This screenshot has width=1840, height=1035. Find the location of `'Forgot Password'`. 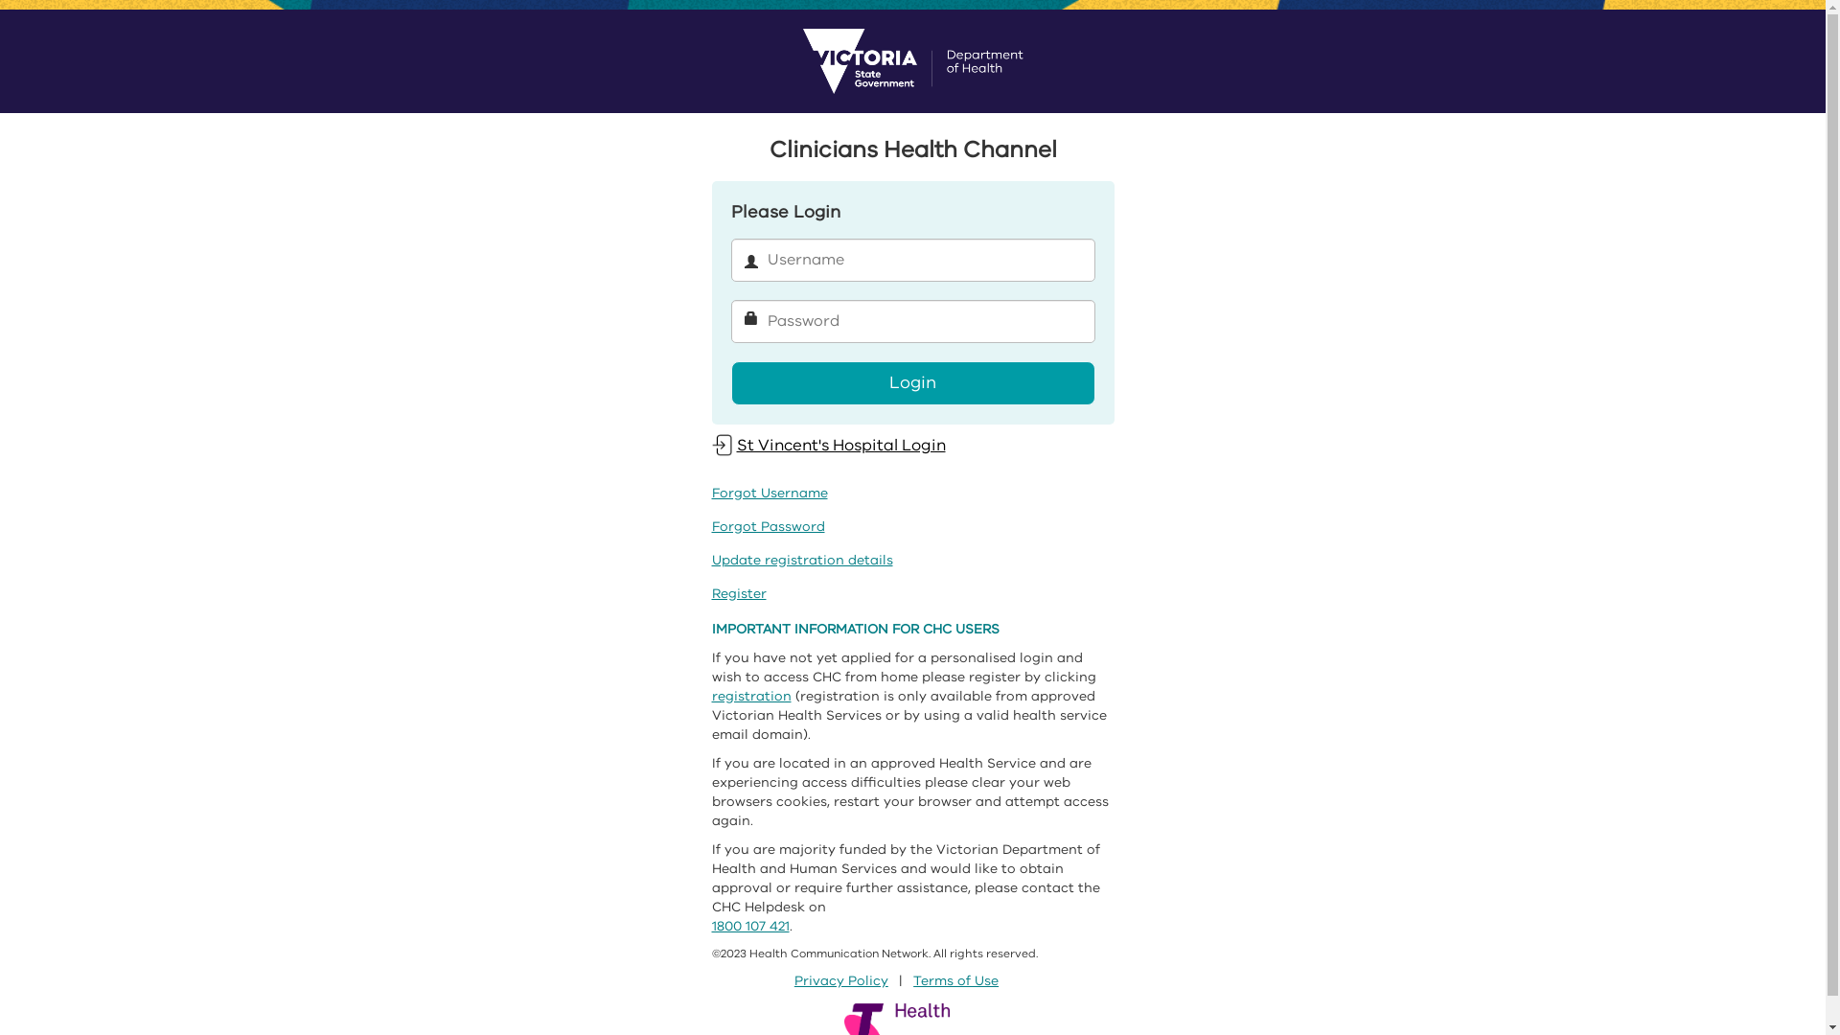

'Forgot Password' is located at coordinates (768, 526).